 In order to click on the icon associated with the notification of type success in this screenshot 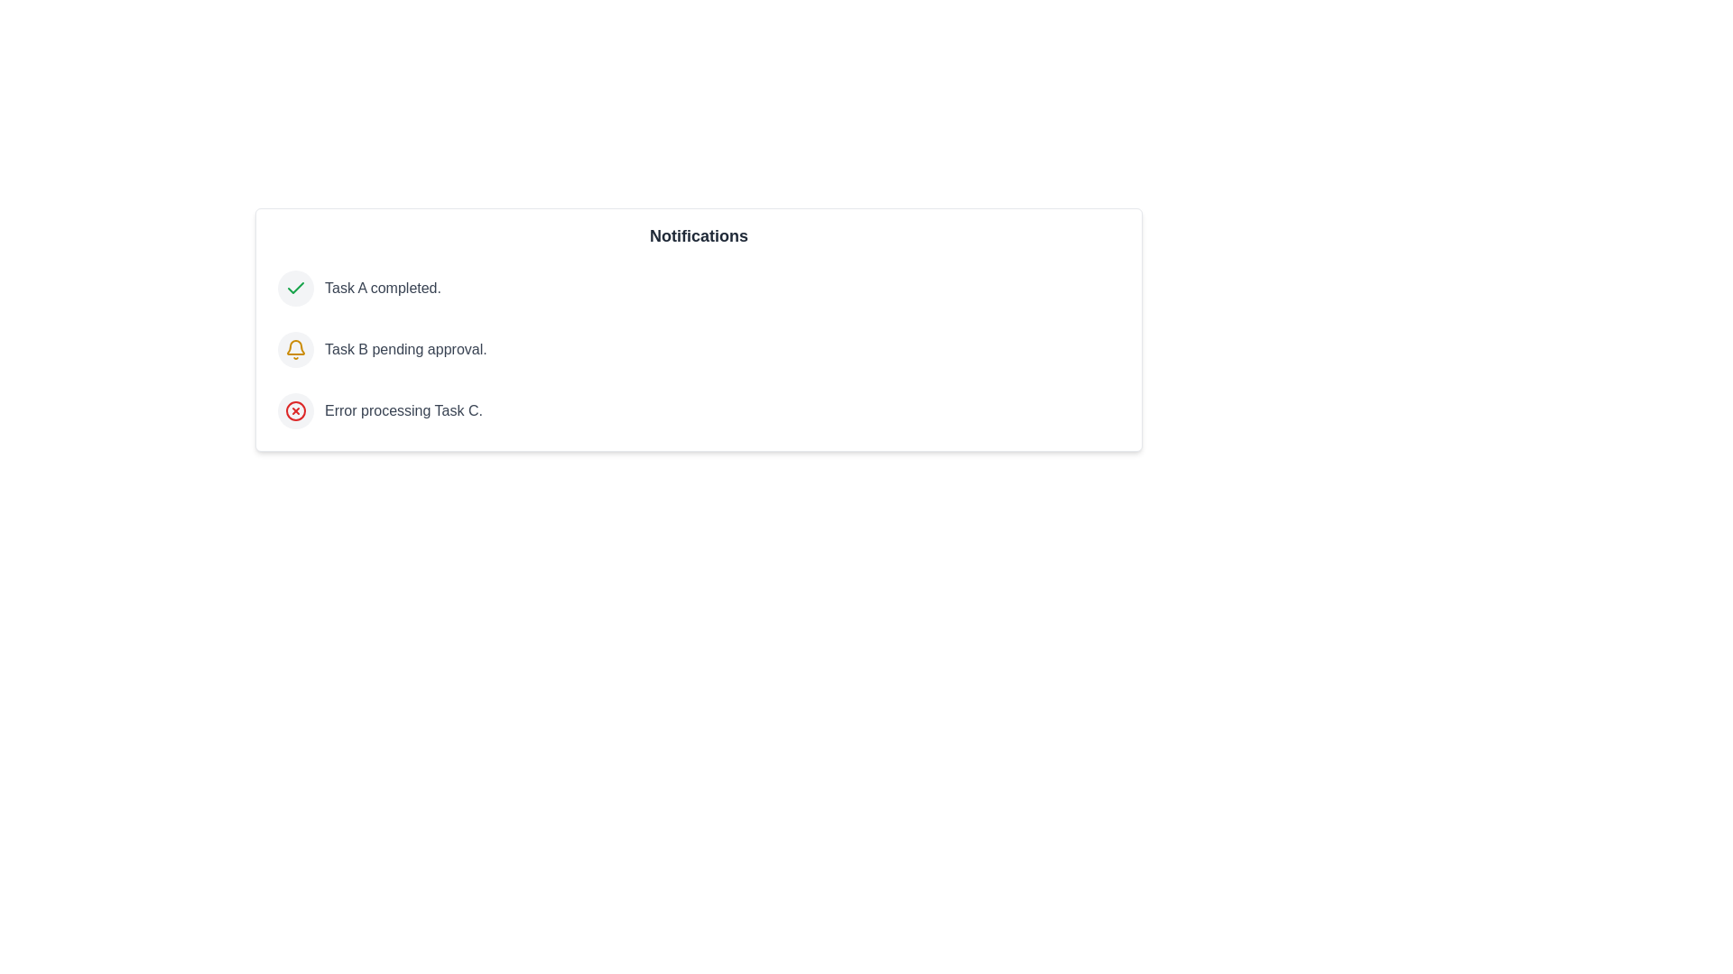, I will do `click(295, 288)`.